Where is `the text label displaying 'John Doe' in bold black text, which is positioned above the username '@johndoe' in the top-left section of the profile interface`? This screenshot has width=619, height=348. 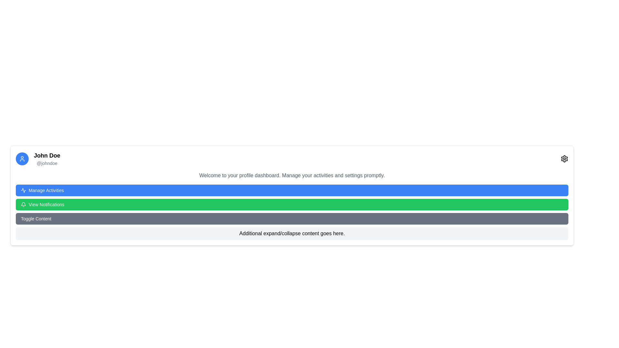
the text label displaying 'John Doe' in bold black text, which is positioned above the username '@johndoe' in the top-left section of the profile interface is located at coordinates (46, 155).